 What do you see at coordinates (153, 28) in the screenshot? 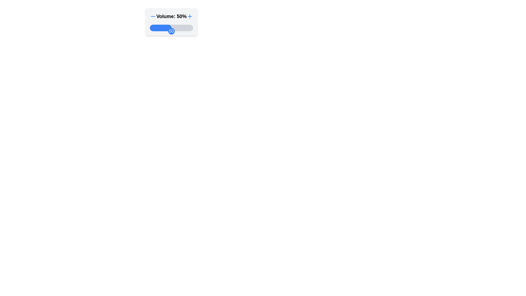
I see `the slider` at bounding box center [153, 28].